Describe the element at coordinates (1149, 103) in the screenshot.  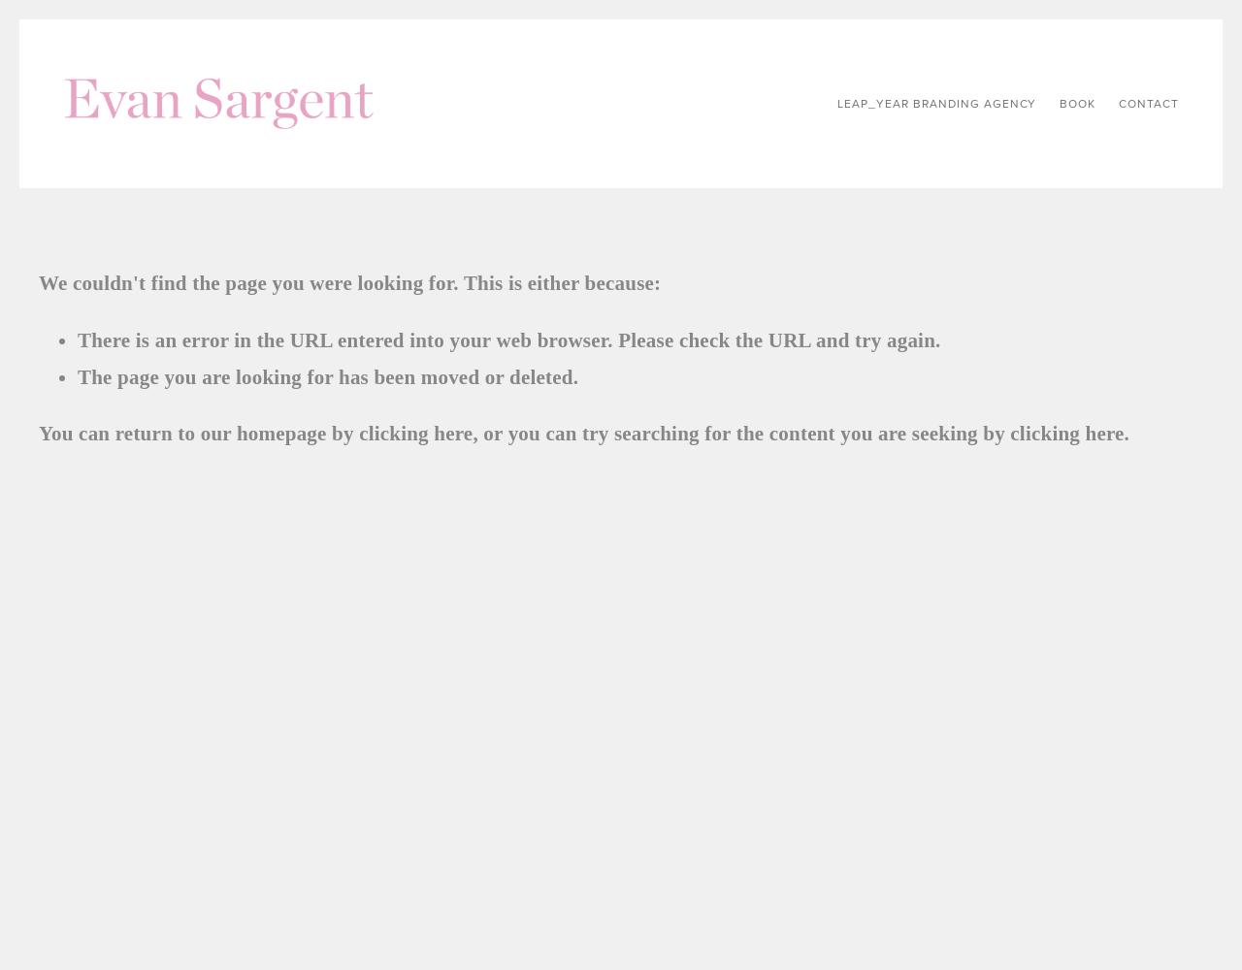
I see `'Contact'` at that location.